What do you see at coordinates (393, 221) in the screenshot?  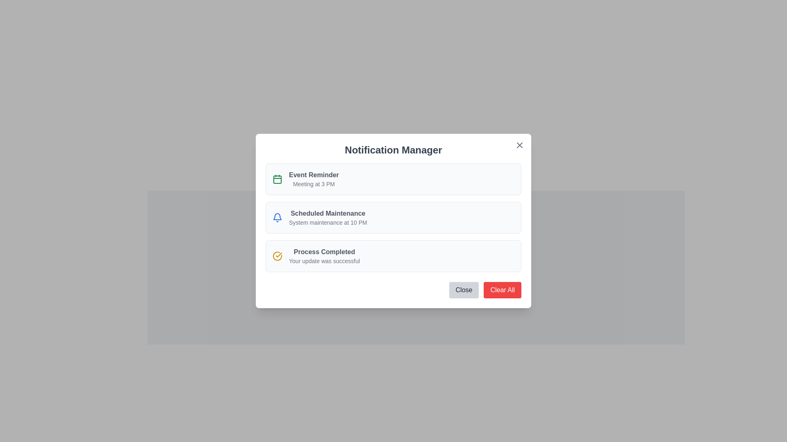 I see `the second card in the notification panel titled 'Notification Manager', which displays the message 'System maintenance at 10 PM'` at bounding box center [393, 221].